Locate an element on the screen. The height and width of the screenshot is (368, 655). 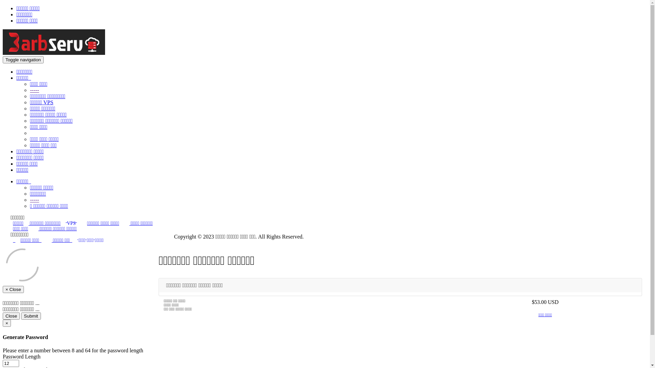
'Submit' is located at coordinates (30, 316).